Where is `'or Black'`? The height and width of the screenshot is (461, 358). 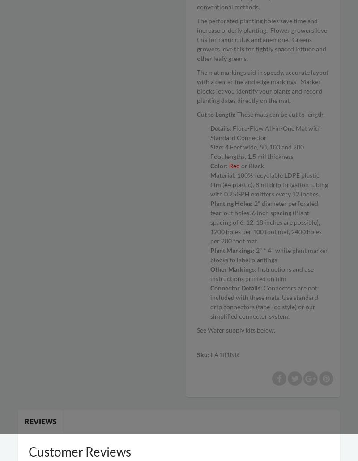 'or Black' is located at coordinates (252, 166).